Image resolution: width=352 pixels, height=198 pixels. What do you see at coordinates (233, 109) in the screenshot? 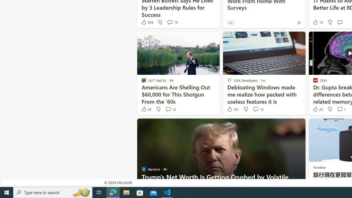
I see `'101 Like'` at bounding box center [233, 109].